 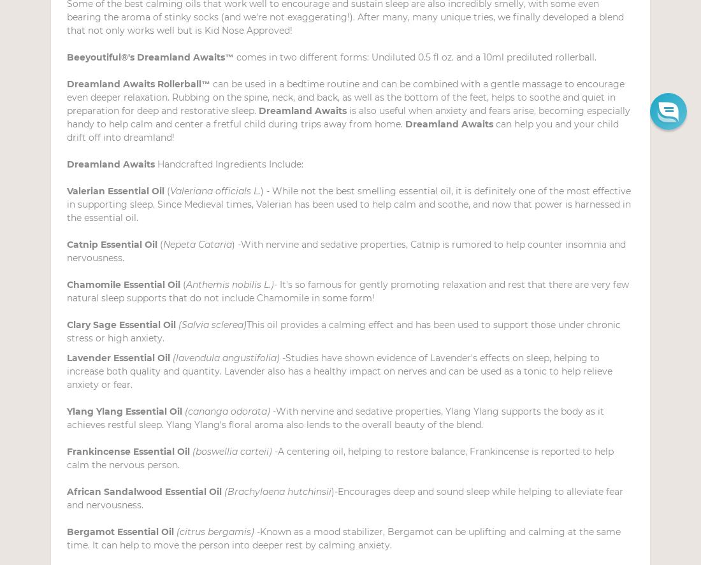 I want to click on 'Valerian Essential Oil', so click(x=67, y=190).